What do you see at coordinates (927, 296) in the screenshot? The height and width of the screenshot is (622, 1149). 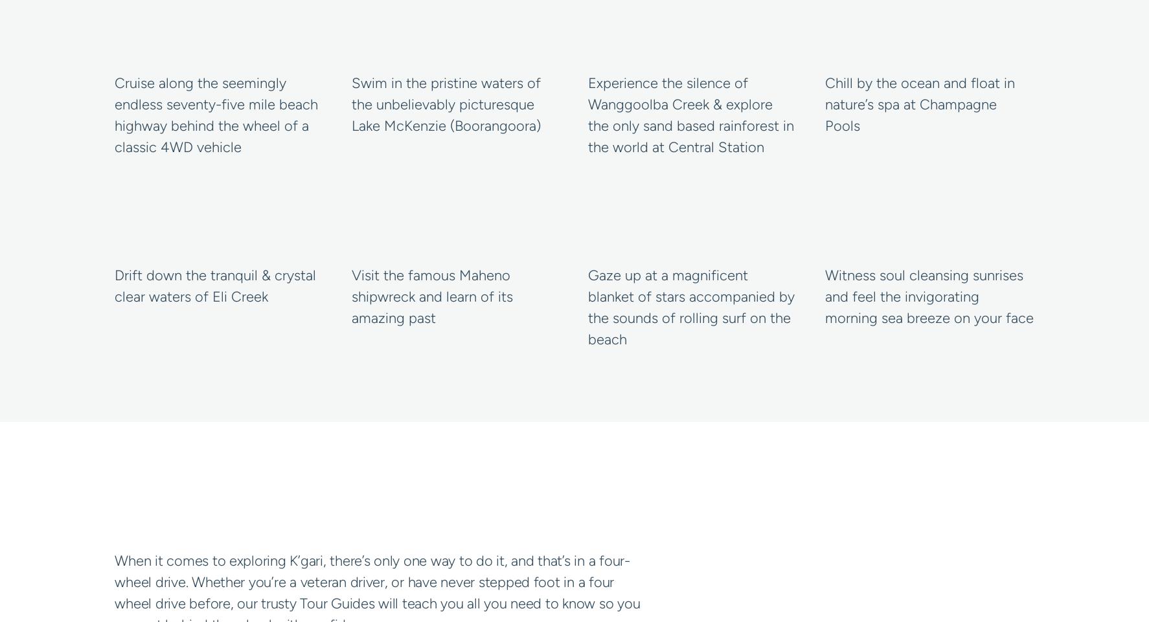 I see `'Witness soul cleansing sunrises and feel the invigorating morning sea breeze on your face'` at bounding box center [927, 296].